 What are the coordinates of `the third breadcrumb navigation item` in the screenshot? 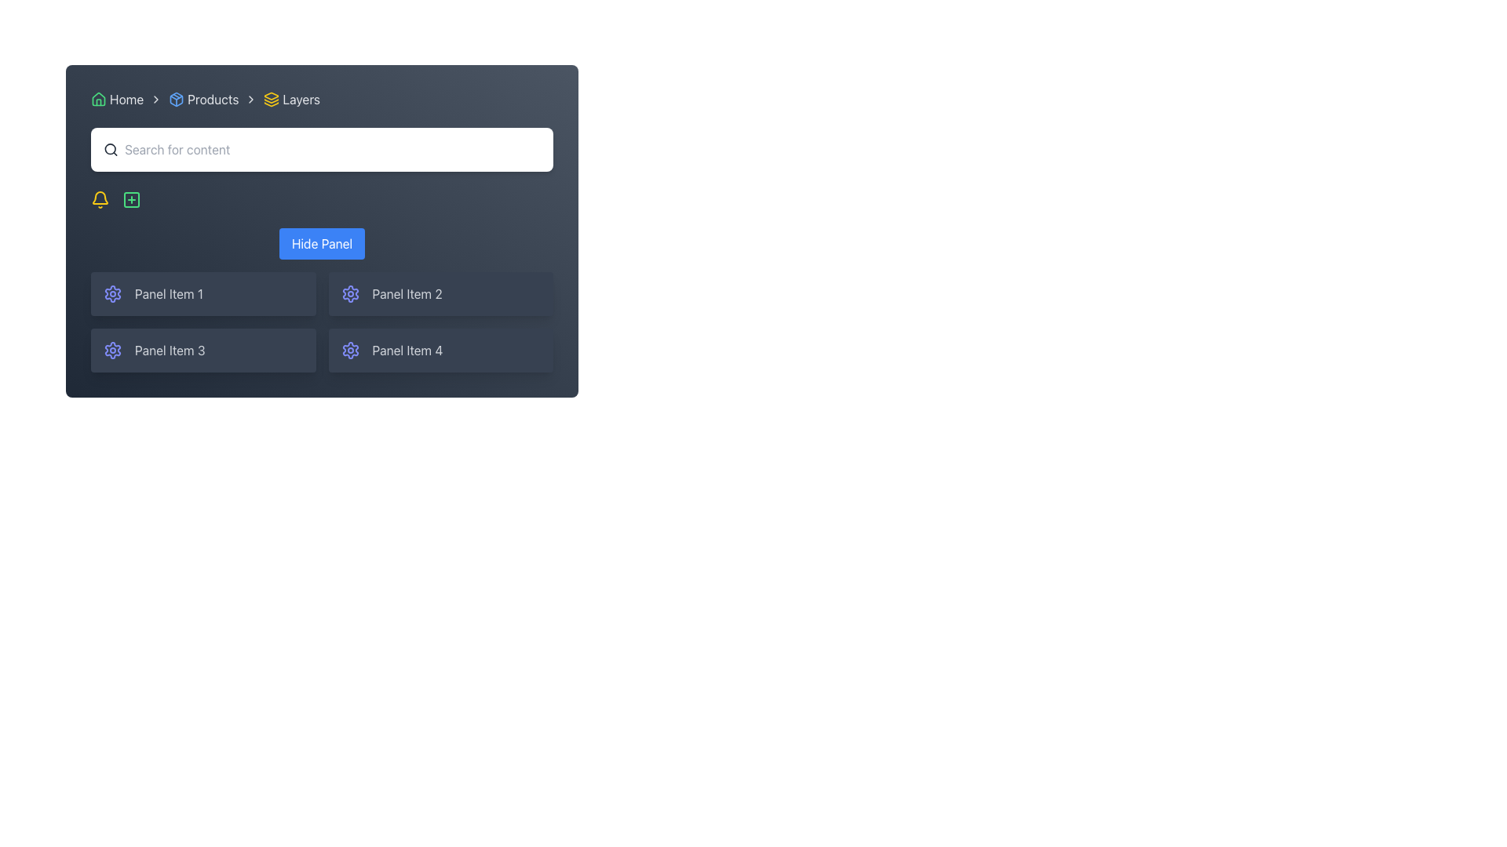 It's located at (292, 100).